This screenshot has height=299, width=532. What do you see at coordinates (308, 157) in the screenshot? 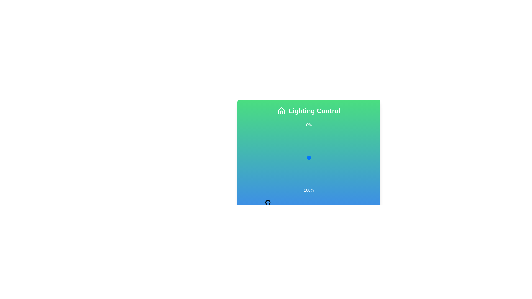
I see `the slider` at bounding box center [308, 157].